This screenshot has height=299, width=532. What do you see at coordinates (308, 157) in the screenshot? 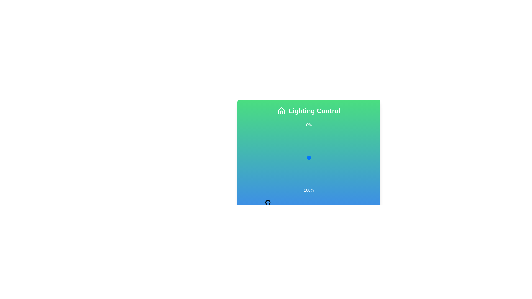
I see `the slider` at bounding box center [308, 157].